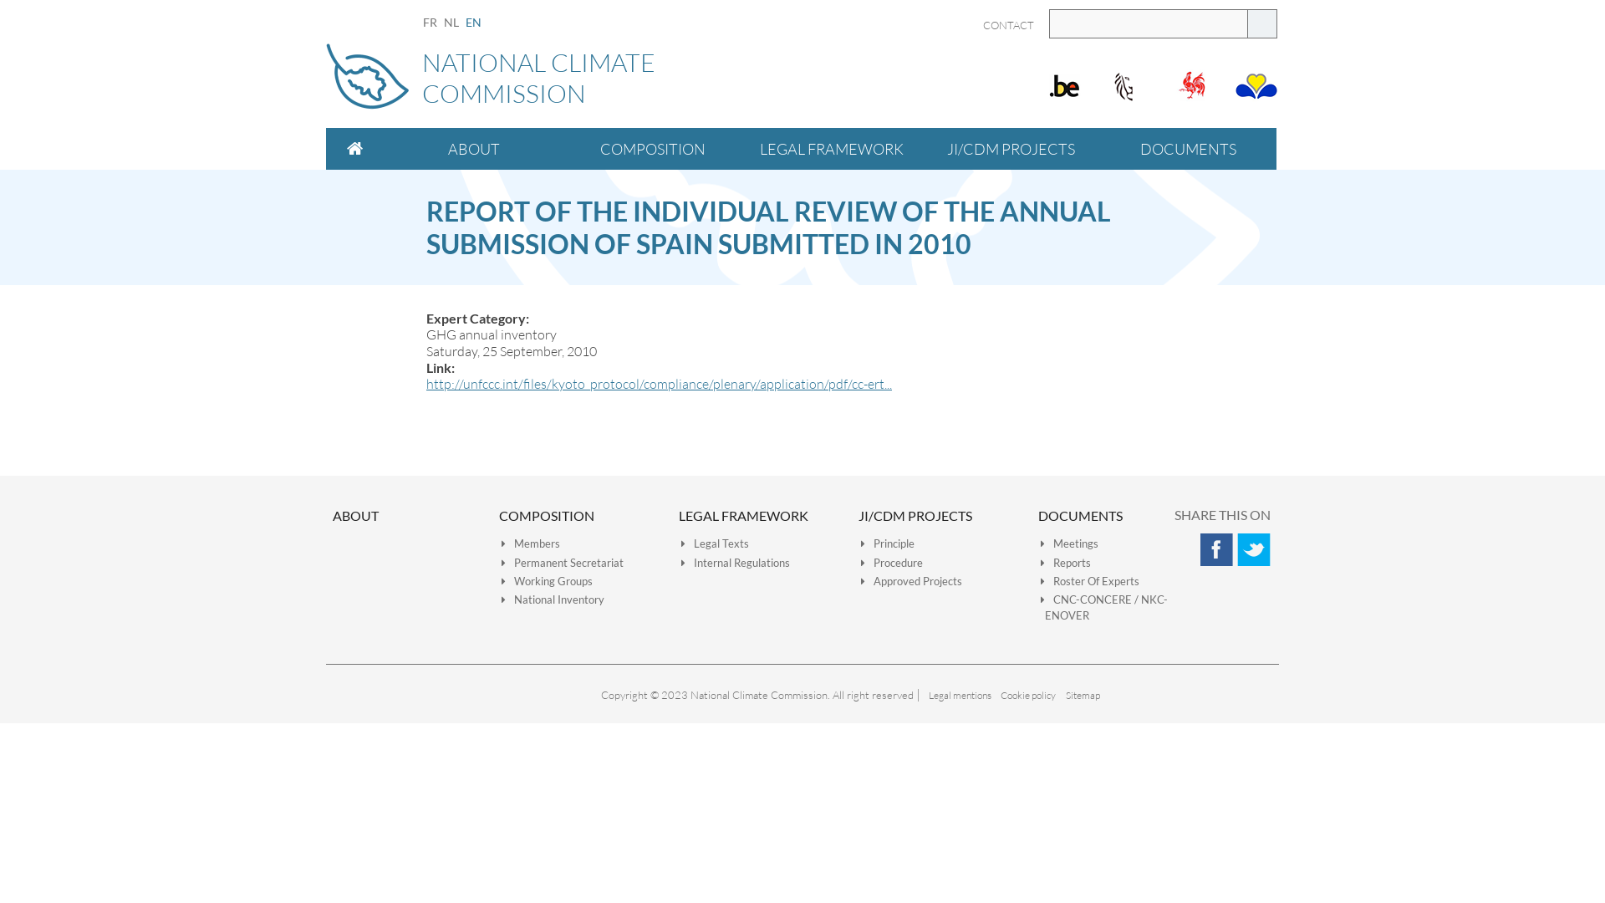 The image size is (1605, 903). I want to click on 'DOCUMENTS', so click(1099, 147).